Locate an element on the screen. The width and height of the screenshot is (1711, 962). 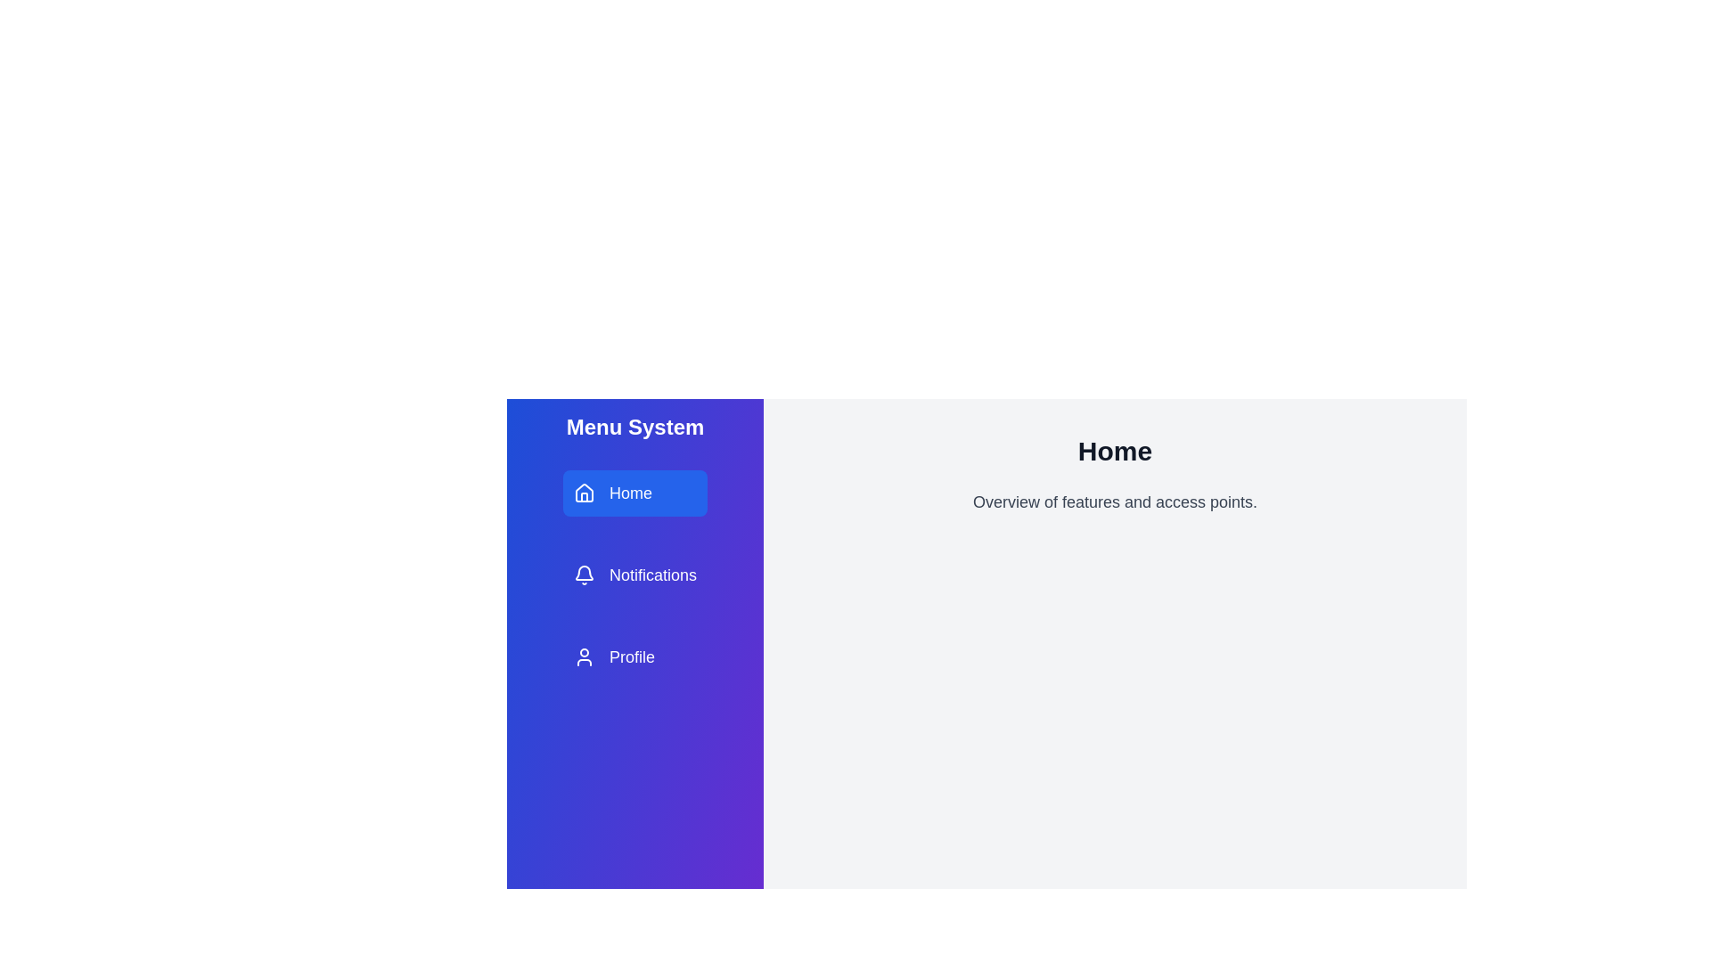
the menu item Home from the available options is located at coordinates (634, 493).